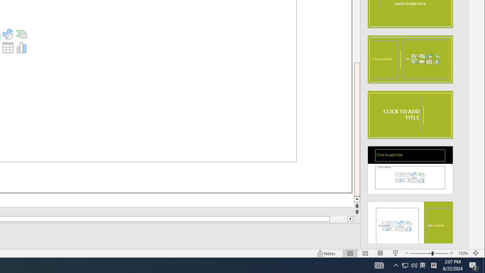  I want to click on 'Insert an Icon', so click(8, 34).